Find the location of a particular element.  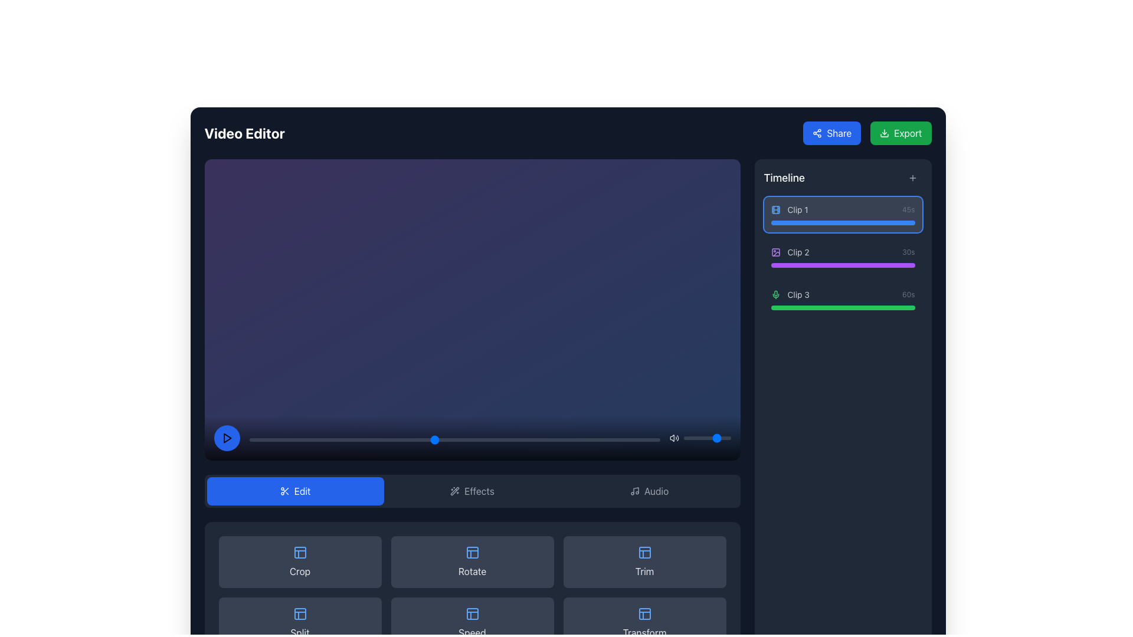

the Timeline clip entry labeled 'Clip 1' with a duration of '45s' is located at coordinates (842, 209).